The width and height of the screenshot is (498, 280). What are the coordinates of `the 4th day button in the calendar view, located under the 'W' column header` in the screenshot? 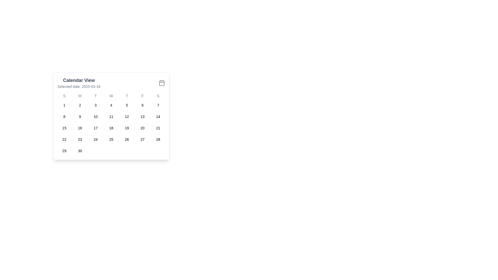 It's located at (111, 105).